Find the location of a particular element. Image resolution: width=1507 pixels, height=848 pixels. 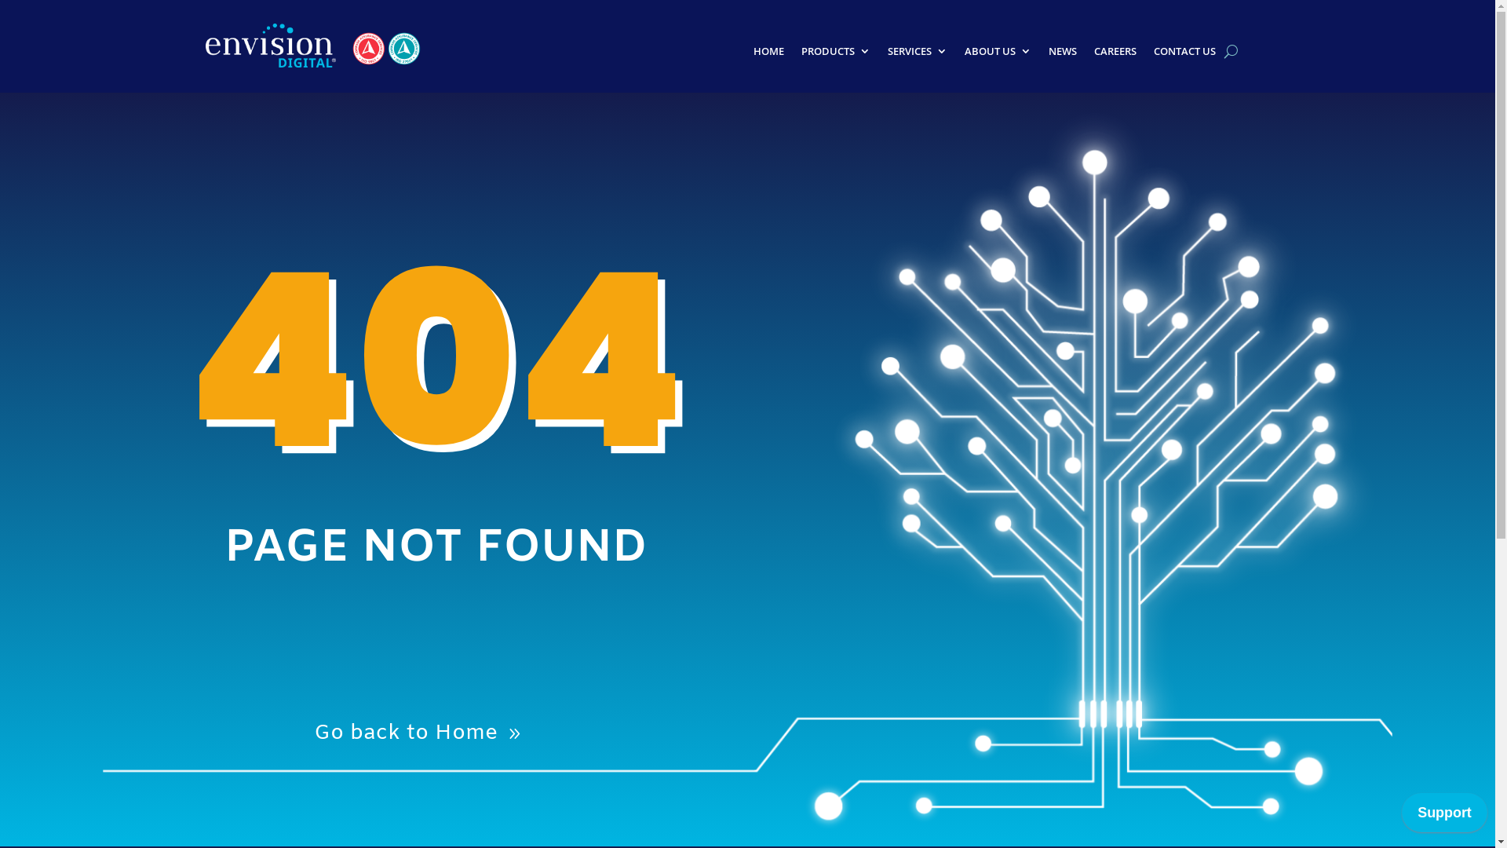

'PRODUCTS' is located at coordinates (801, 53).